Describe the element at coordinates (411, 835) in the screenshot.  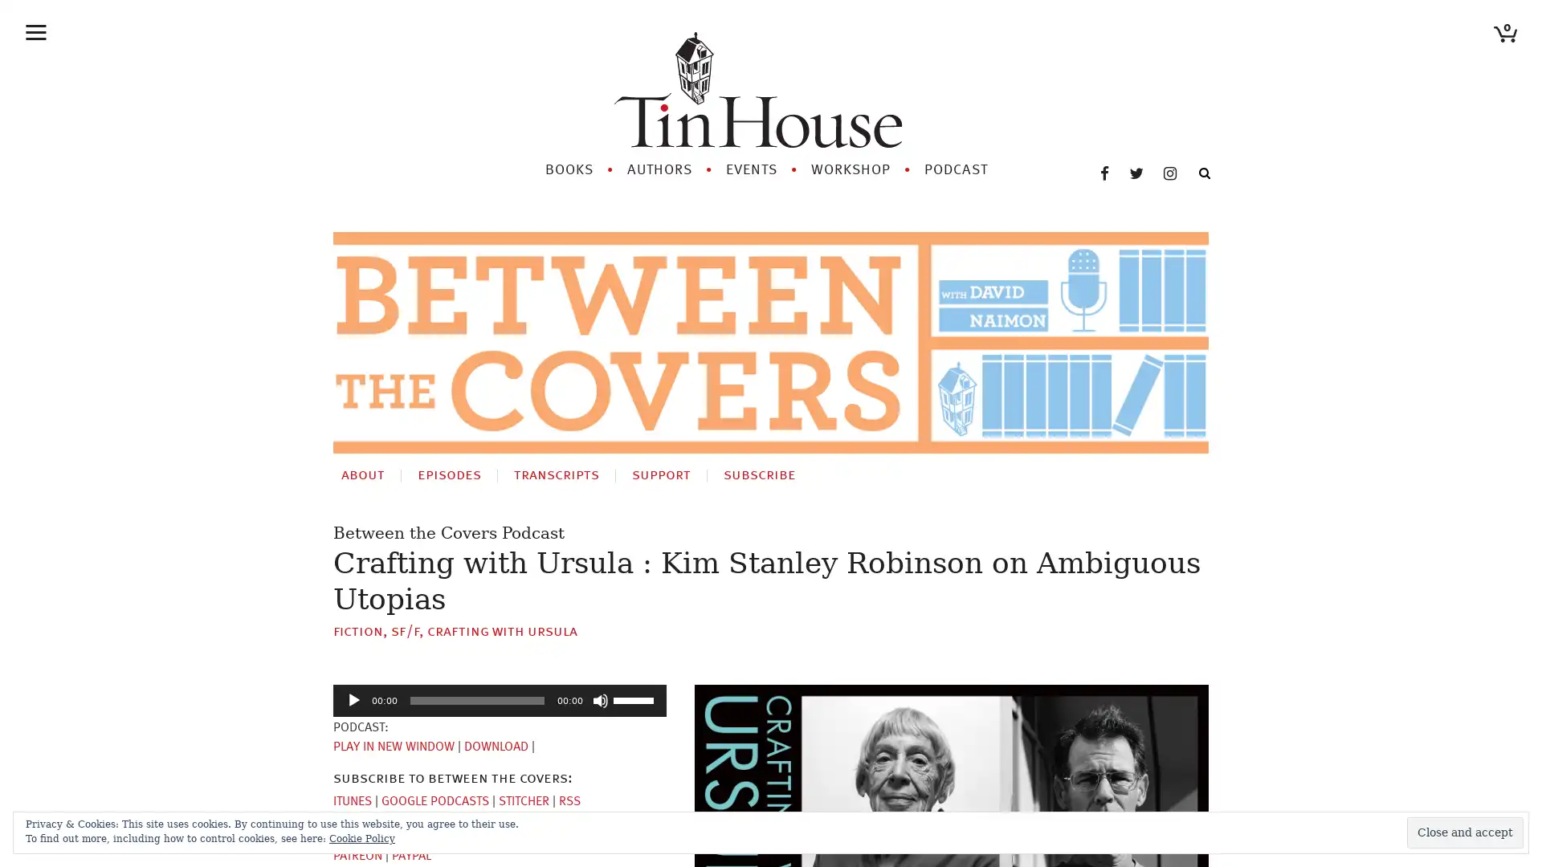
I see `Paypal` at that location.